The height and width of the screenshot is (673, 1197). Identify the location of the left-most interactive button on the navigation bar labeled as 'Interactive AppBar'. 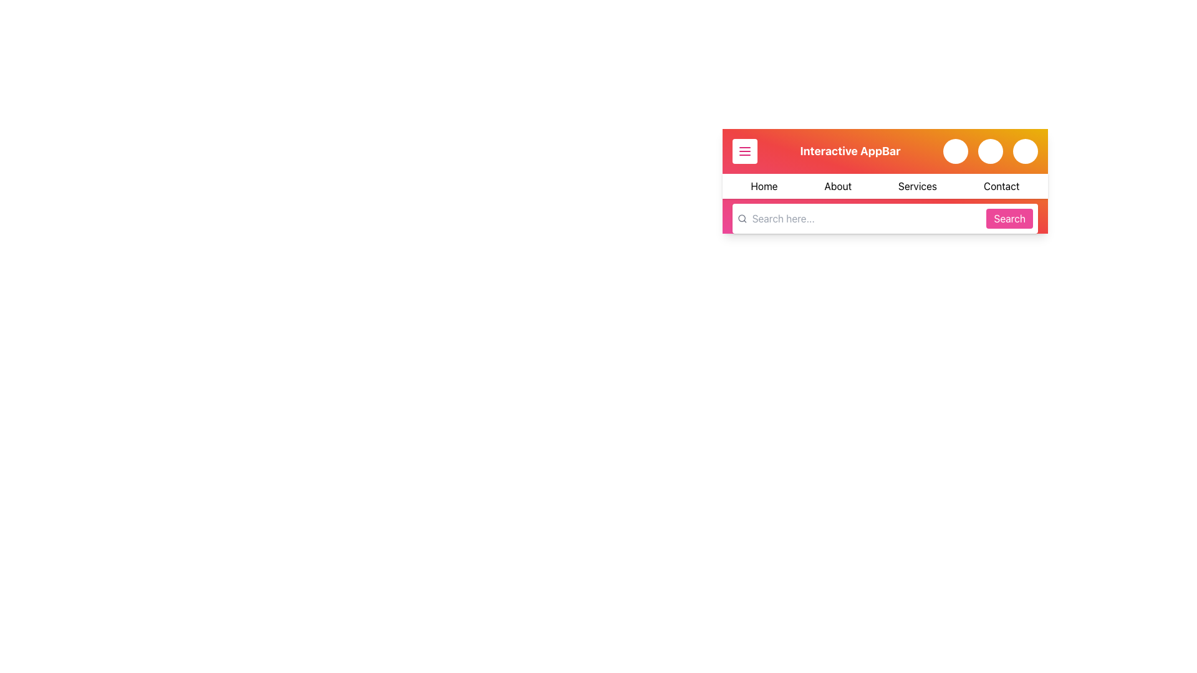
(745, 151).